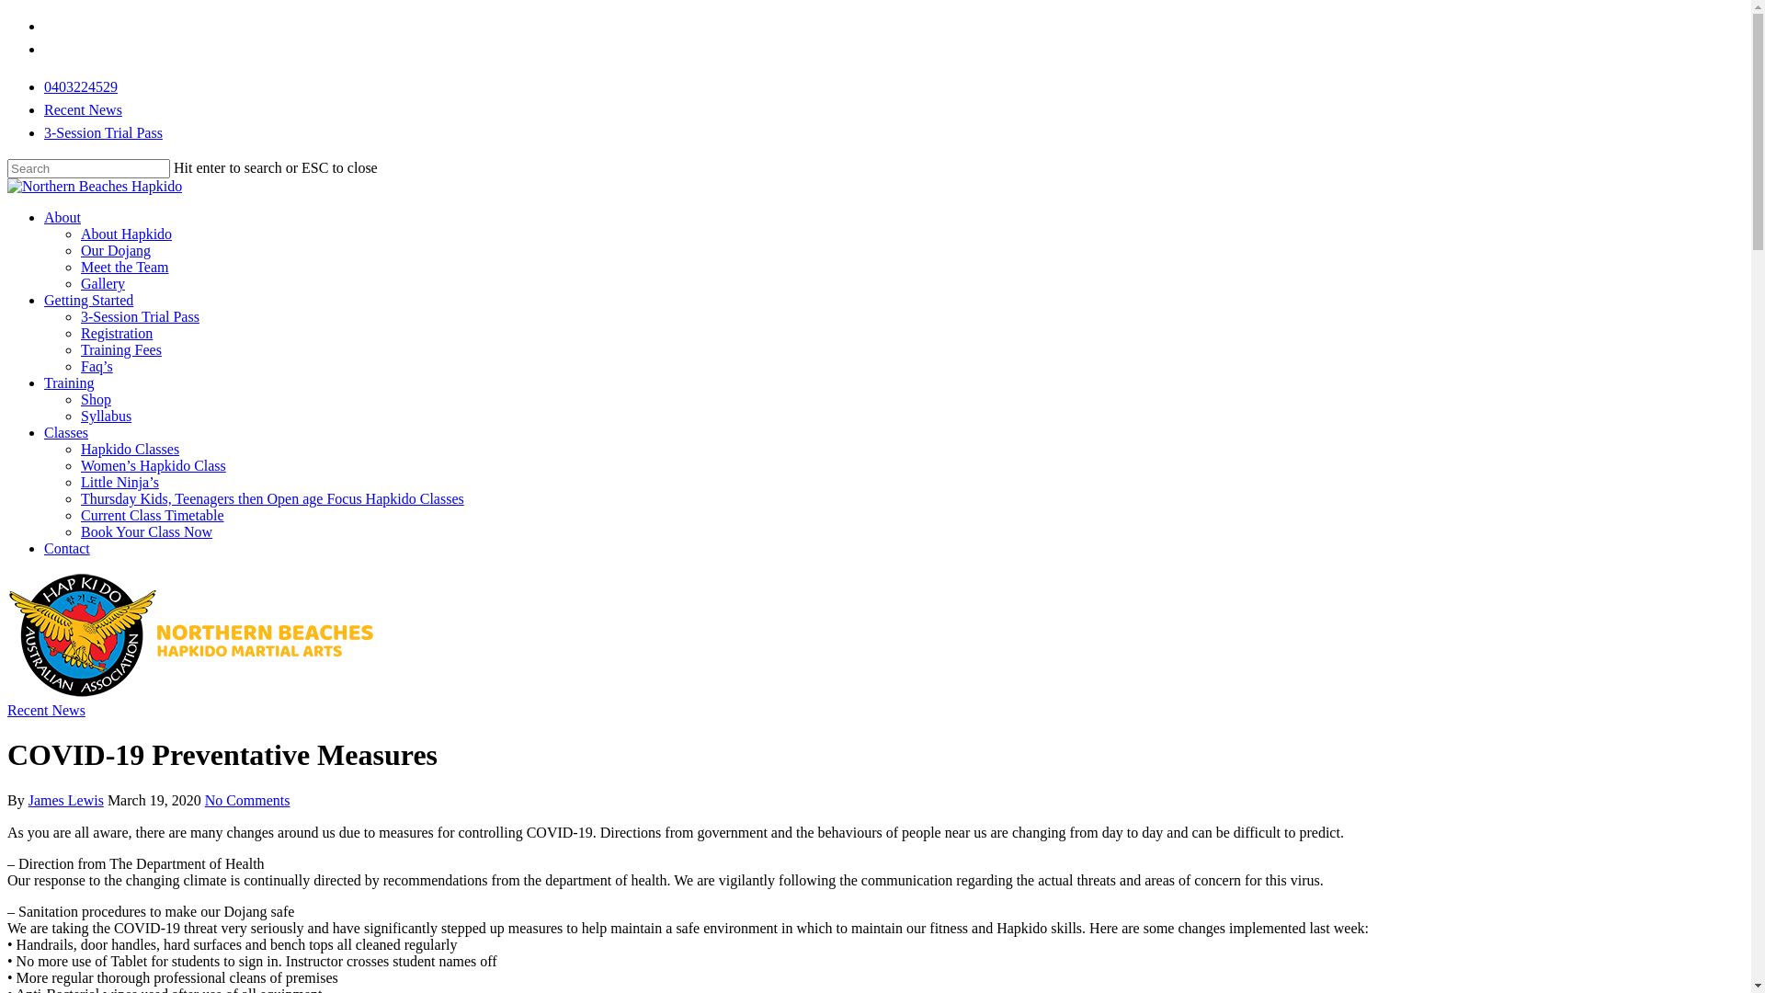 This screenshot has width=1765, height=993. Describe the element at coordinates (44, 432) in the screenshot. I see `'Classes'` at that location.